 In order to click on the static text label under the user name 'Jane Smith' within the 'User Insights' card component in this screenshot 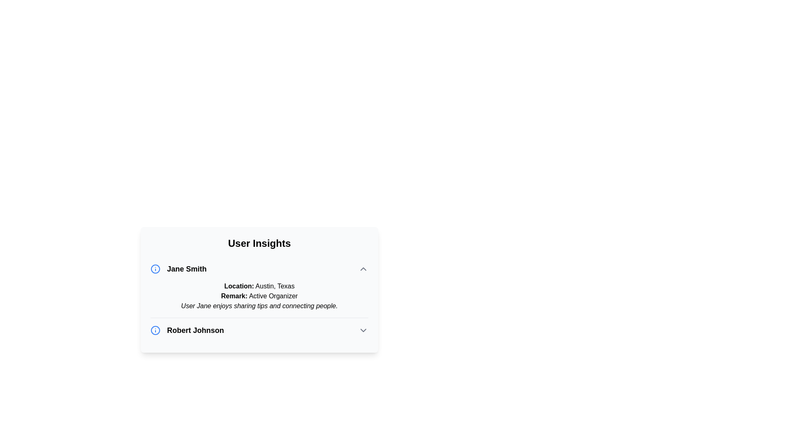, I will do `click(234, 295)`.